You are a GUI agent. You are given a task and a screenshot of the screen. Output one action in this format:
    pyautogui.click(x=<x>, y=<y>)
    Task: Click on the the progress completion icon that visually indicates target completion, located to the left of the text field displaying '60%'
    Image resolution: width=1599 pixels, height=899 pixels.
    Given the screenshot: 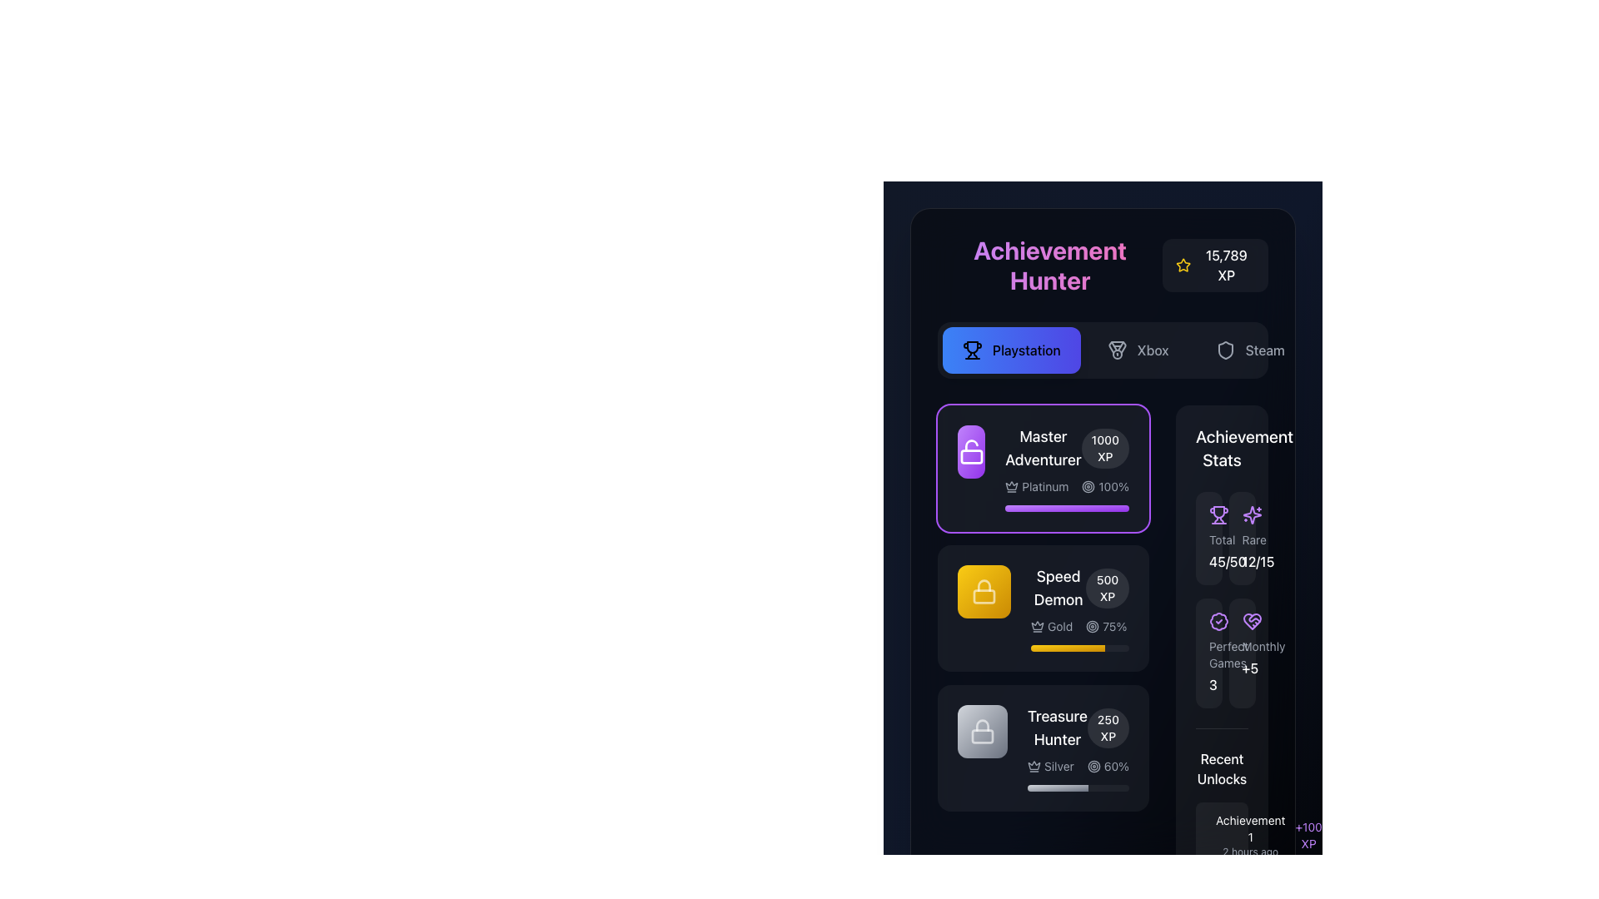 What is the action you would take?
    pyautogui.click(x=1093, y=767)
    